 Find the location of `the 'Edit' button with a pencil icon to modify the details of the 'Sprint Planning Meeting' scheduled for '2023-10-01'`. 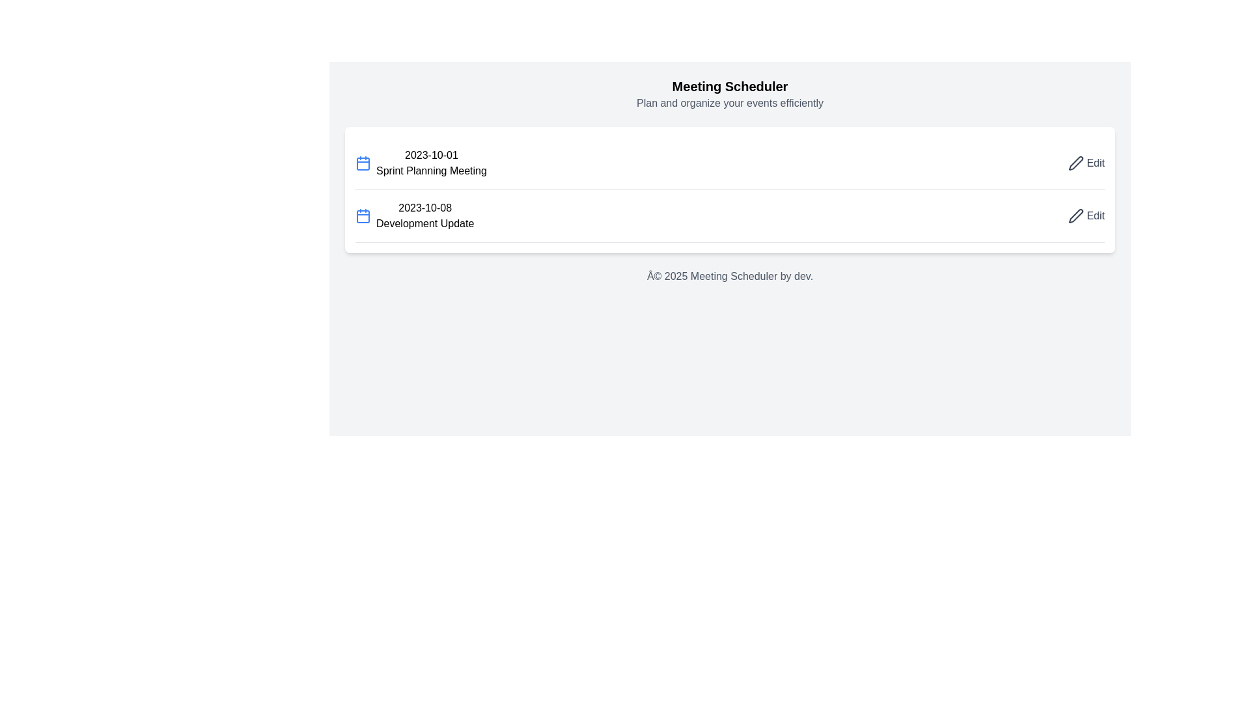

the 'Edit' button with a pencil icon to modify the details of the 'Sprint Planning Meeting' scheduled for '2023-10-01' is located at coordinates (1087, 162).